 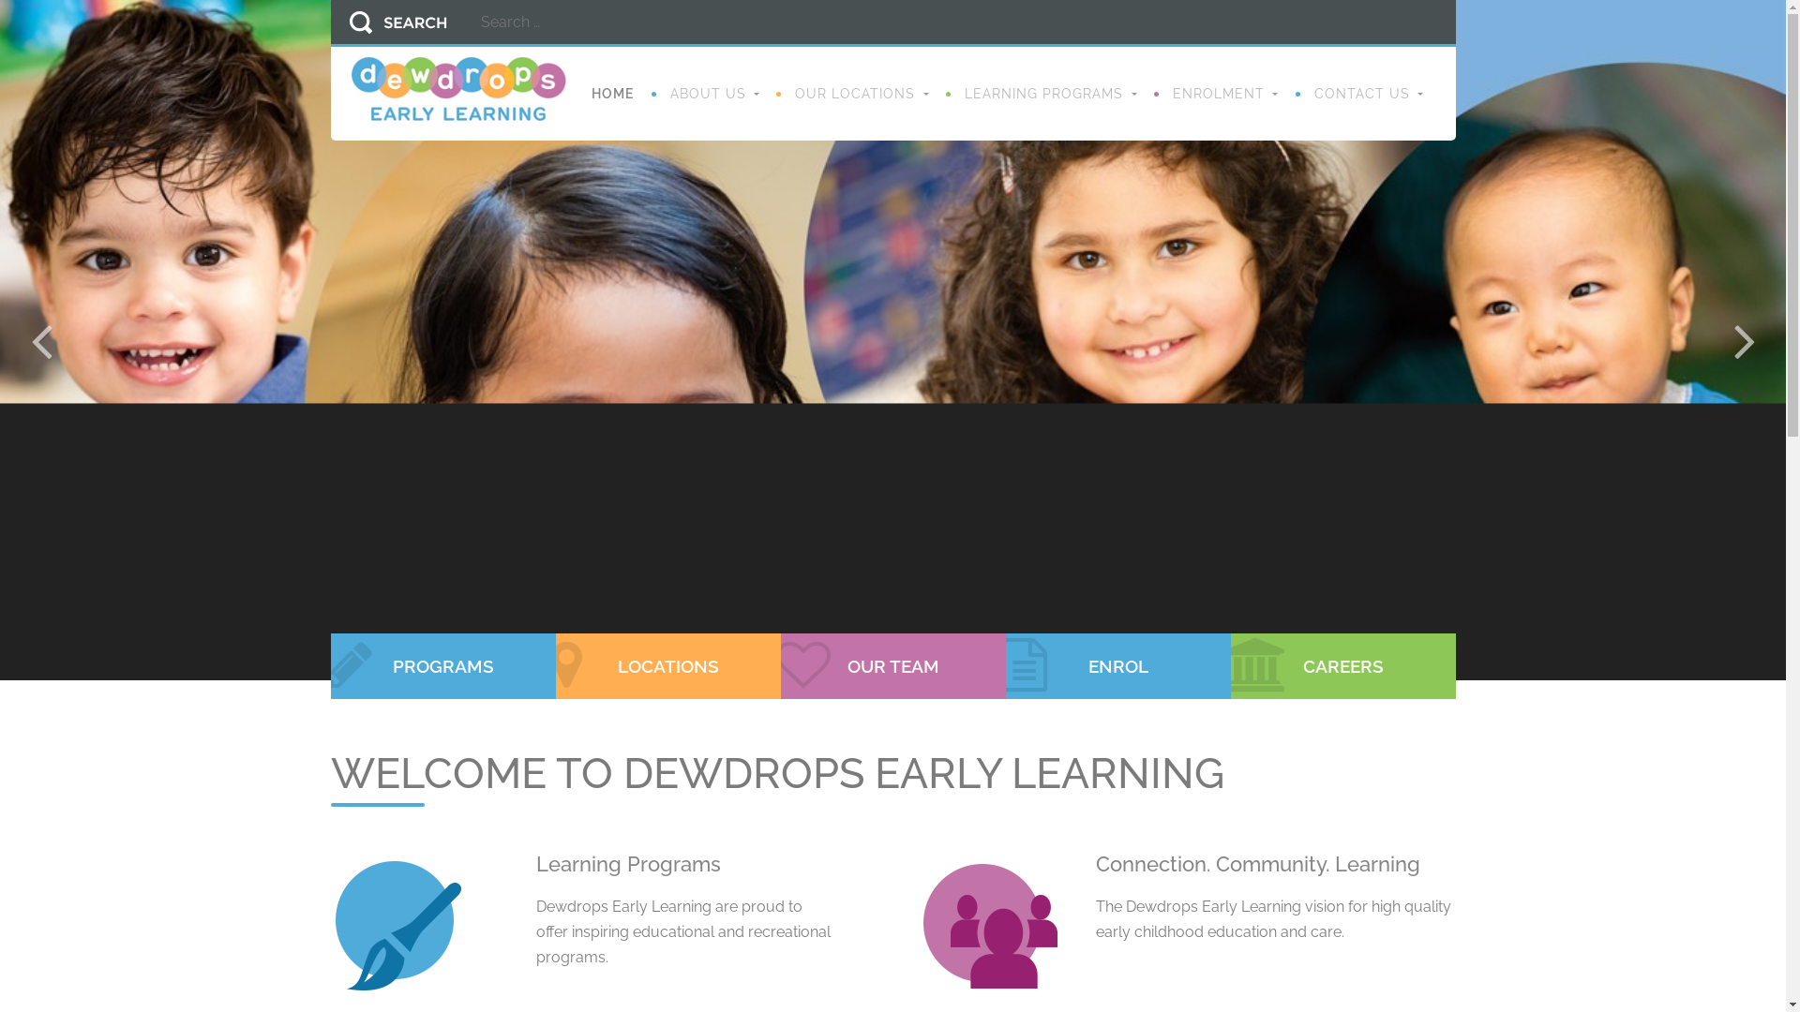 I want to click on 'HOME', so click(x=612, y=94).